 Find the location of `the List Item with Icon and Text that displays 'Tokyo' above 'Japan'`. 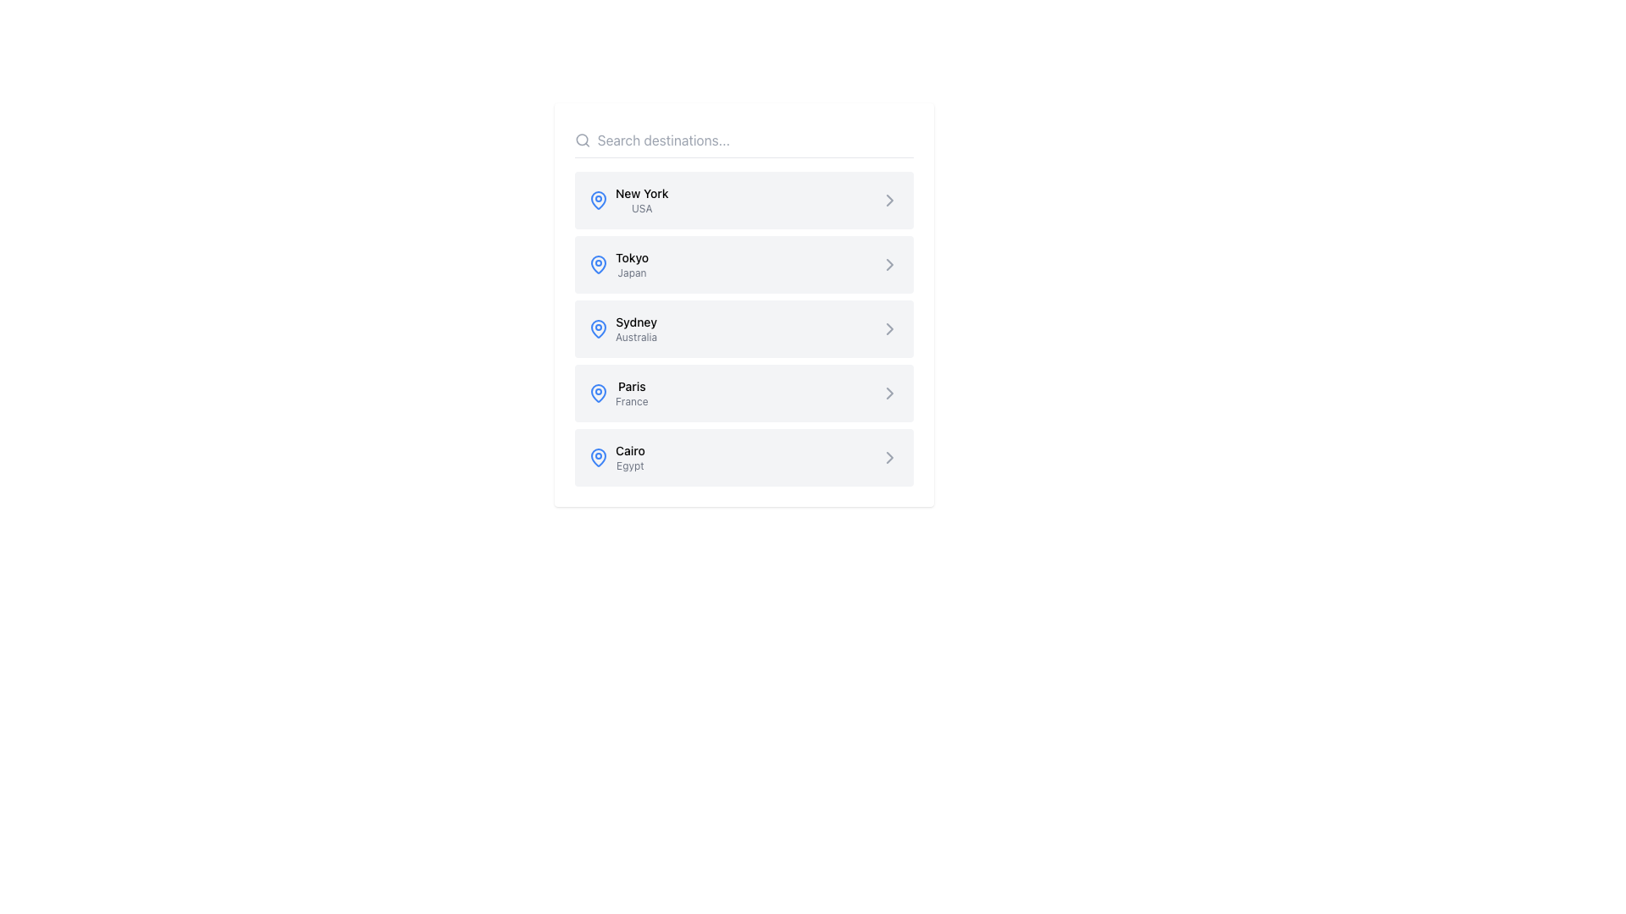

the List Item with Icon and Text that displays 'Tokyo' above 'Japan' is located at coordinates (617, 264).